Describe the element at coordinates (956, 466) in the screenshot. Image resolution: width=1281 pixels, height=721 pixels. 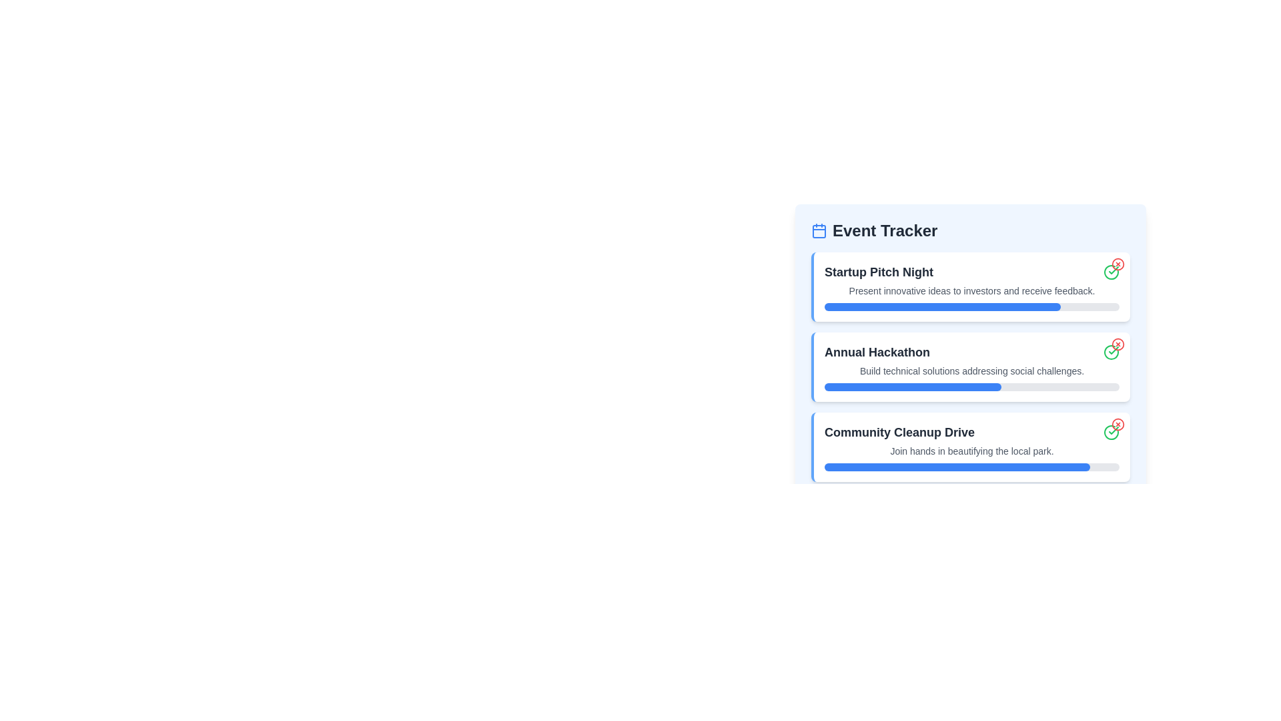
I see `the non-interactive progress bar indicating the status of the 'Community Cleanup Drive' event, located below the event description in the 'Event Tracker' section` at that location.